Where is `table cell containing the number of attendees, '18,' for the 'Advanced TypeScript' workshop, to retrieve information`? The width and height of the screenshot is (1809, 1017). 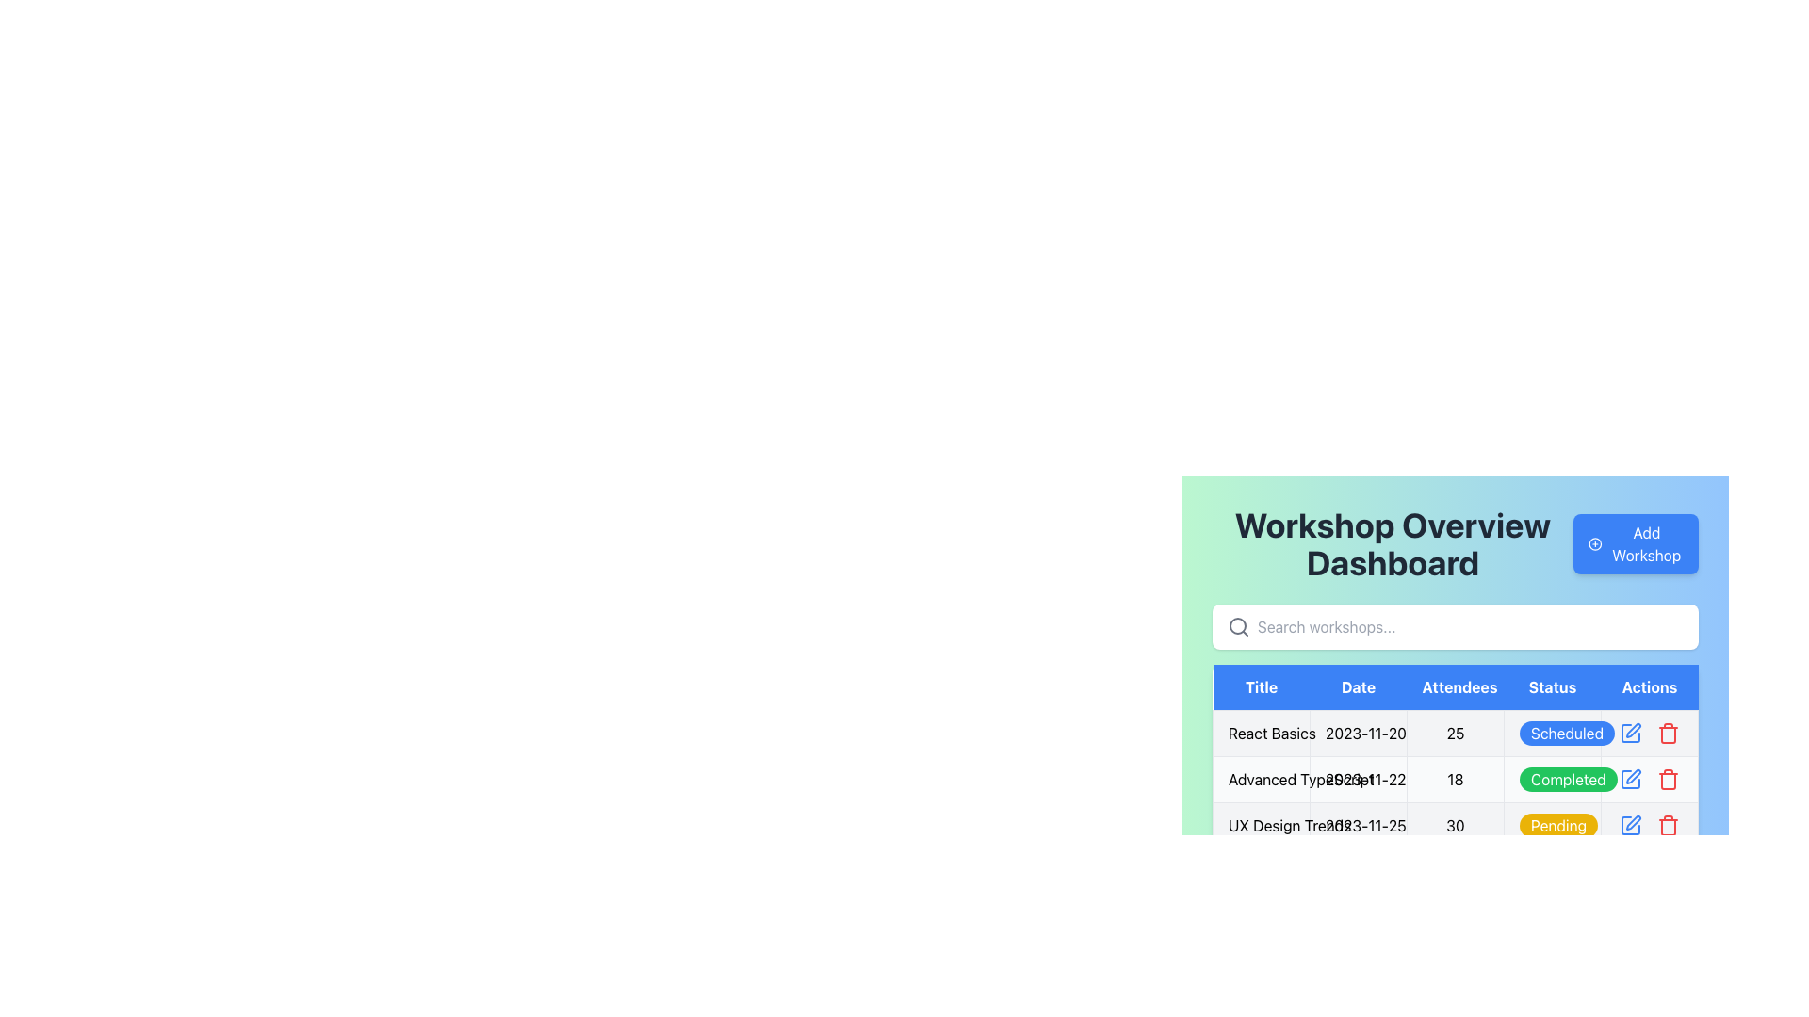
table cell containing the number of attendees, '18,' for the 'Advanced TypeScript' workshop, to retrieve information is located at coordinates (1455, 780).